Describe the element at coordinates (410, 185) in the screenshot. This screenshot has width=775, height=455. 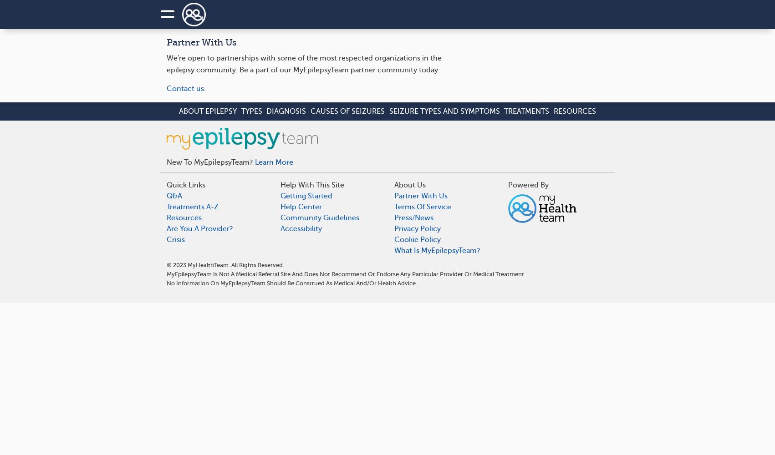
I see `'About Us'` at that location.